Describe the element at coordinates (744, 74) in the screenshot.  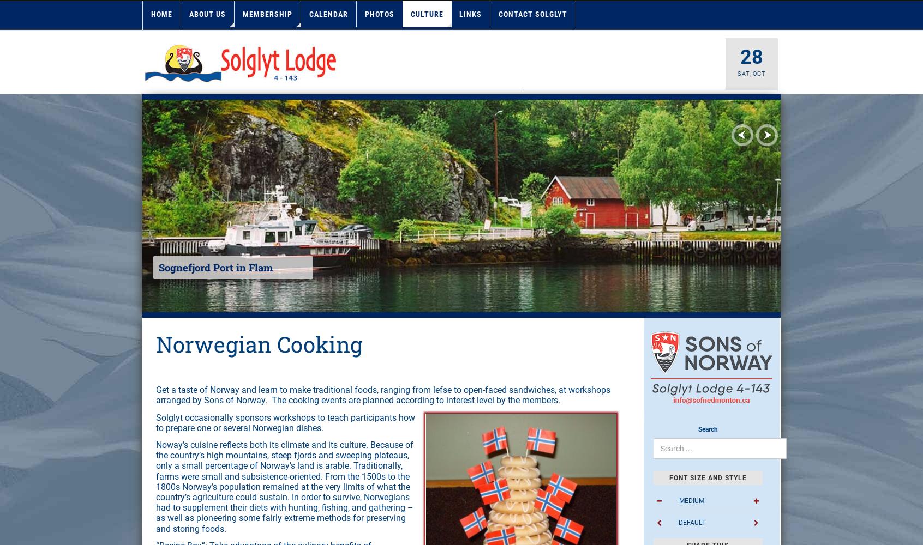
I see `'Sat'` at that location.